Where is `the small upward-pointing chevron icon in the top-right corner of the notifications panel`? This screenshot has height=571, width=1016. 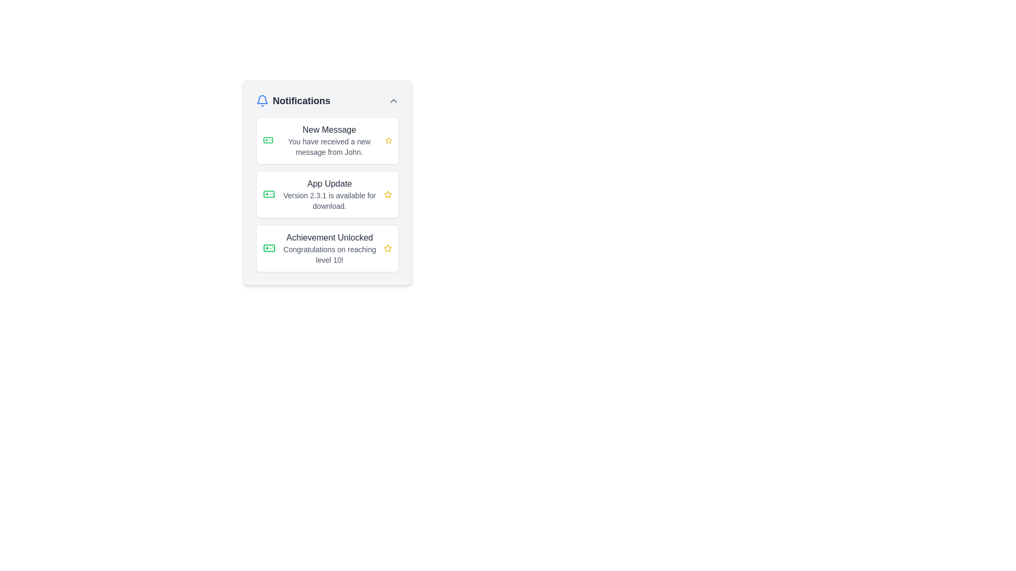 the small upward-pointing chevron icon in the top-right corner of the notifications panel is located at coordinates (393, 101).